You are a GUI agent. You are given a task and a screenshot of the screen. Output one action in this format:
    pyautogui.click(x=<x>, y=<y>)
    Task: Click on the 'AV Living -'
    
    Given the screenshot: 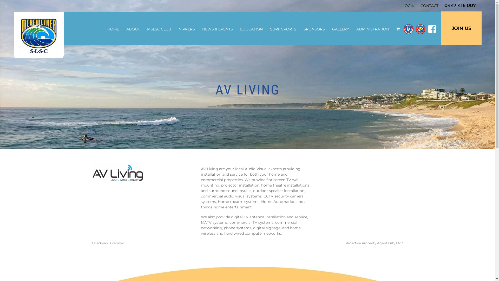 What is the action you would take?
    pyautogui.click(x=117, y=173)
    